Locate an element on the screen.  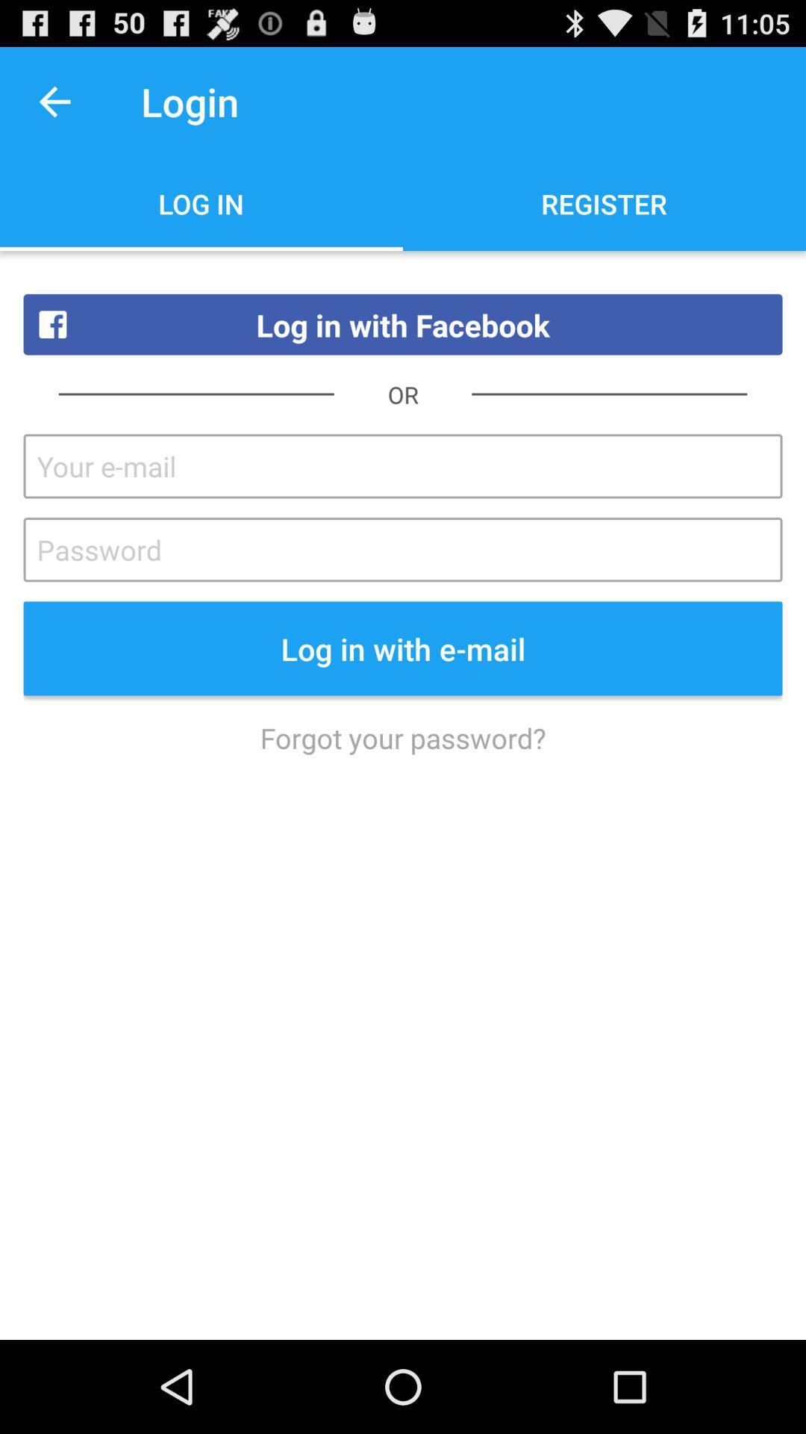
facebook login is located at coordinates (403, 465).